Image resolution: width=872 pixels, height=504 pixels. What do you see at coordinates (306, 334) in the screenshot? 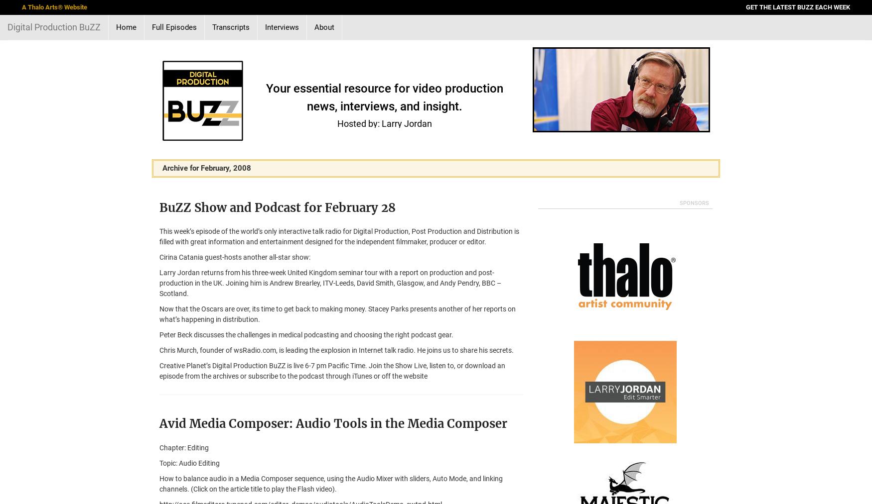
I see `'Peter Beck discusses the challenges in medical podcasting and choosing the right podcast gear.'` at bounding box center [306, 334].